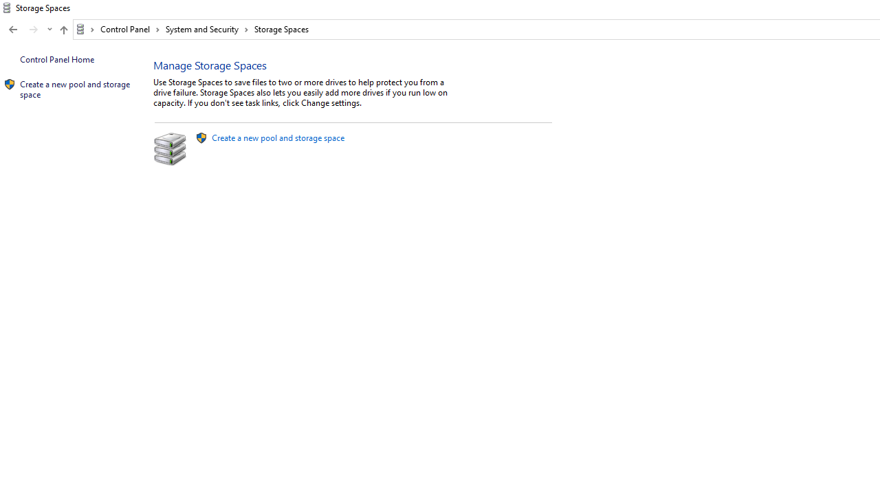 This screenshot has width=880, height=495. Describe the element at coordinates (13, 30) in the screenshot. I see `'Back to System and Security (Alt + Left Arrow)'` at that location.